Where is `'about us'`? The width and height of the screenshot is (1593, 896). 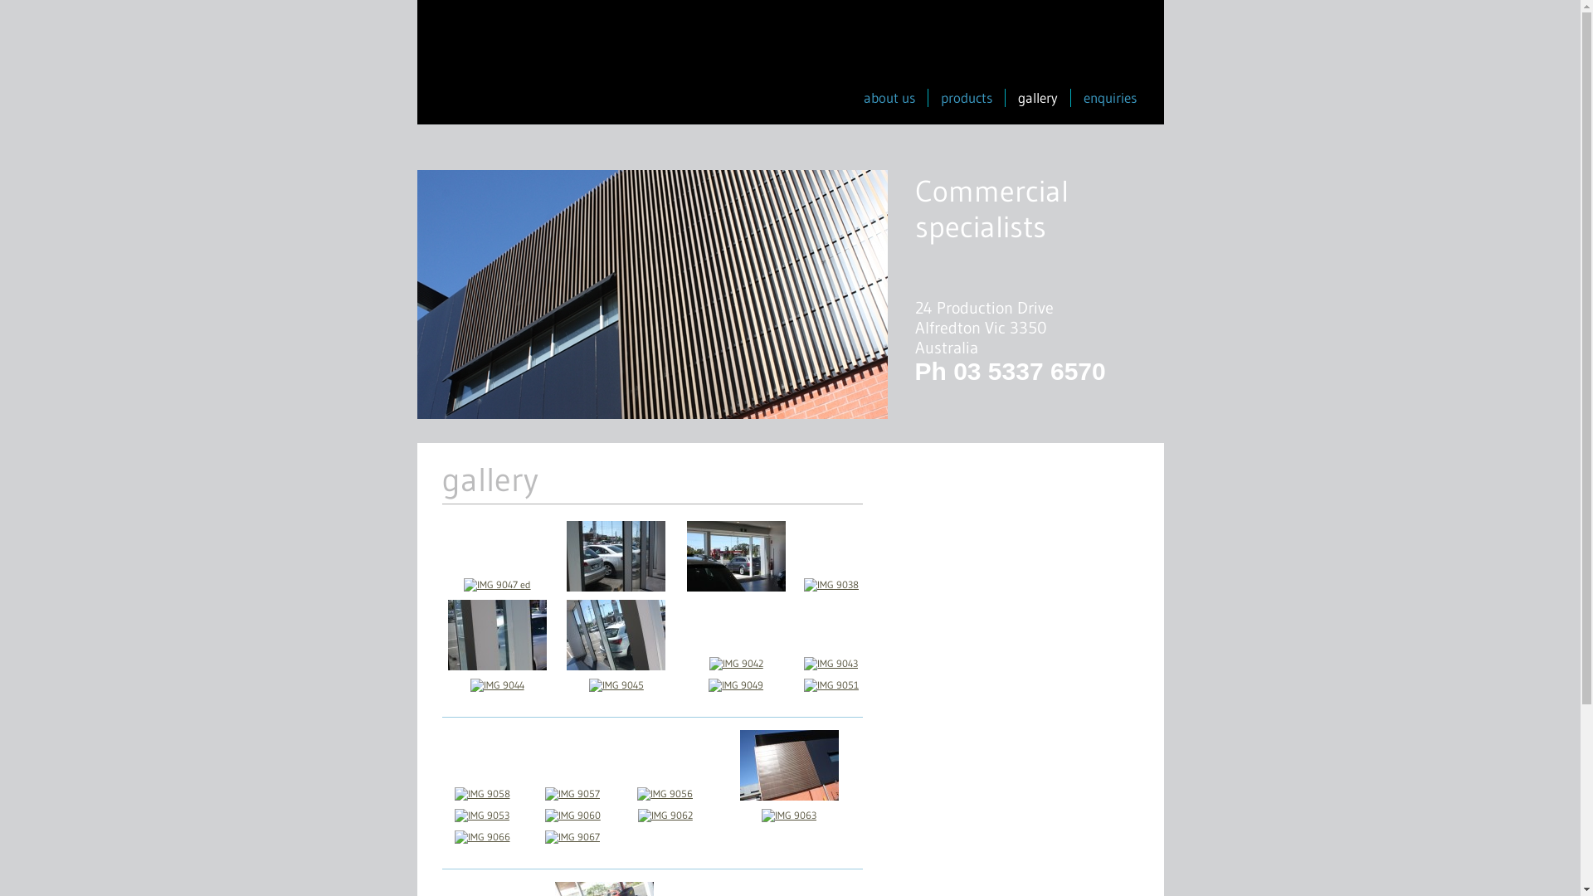 'about us' is located at coordinates (863, 98).